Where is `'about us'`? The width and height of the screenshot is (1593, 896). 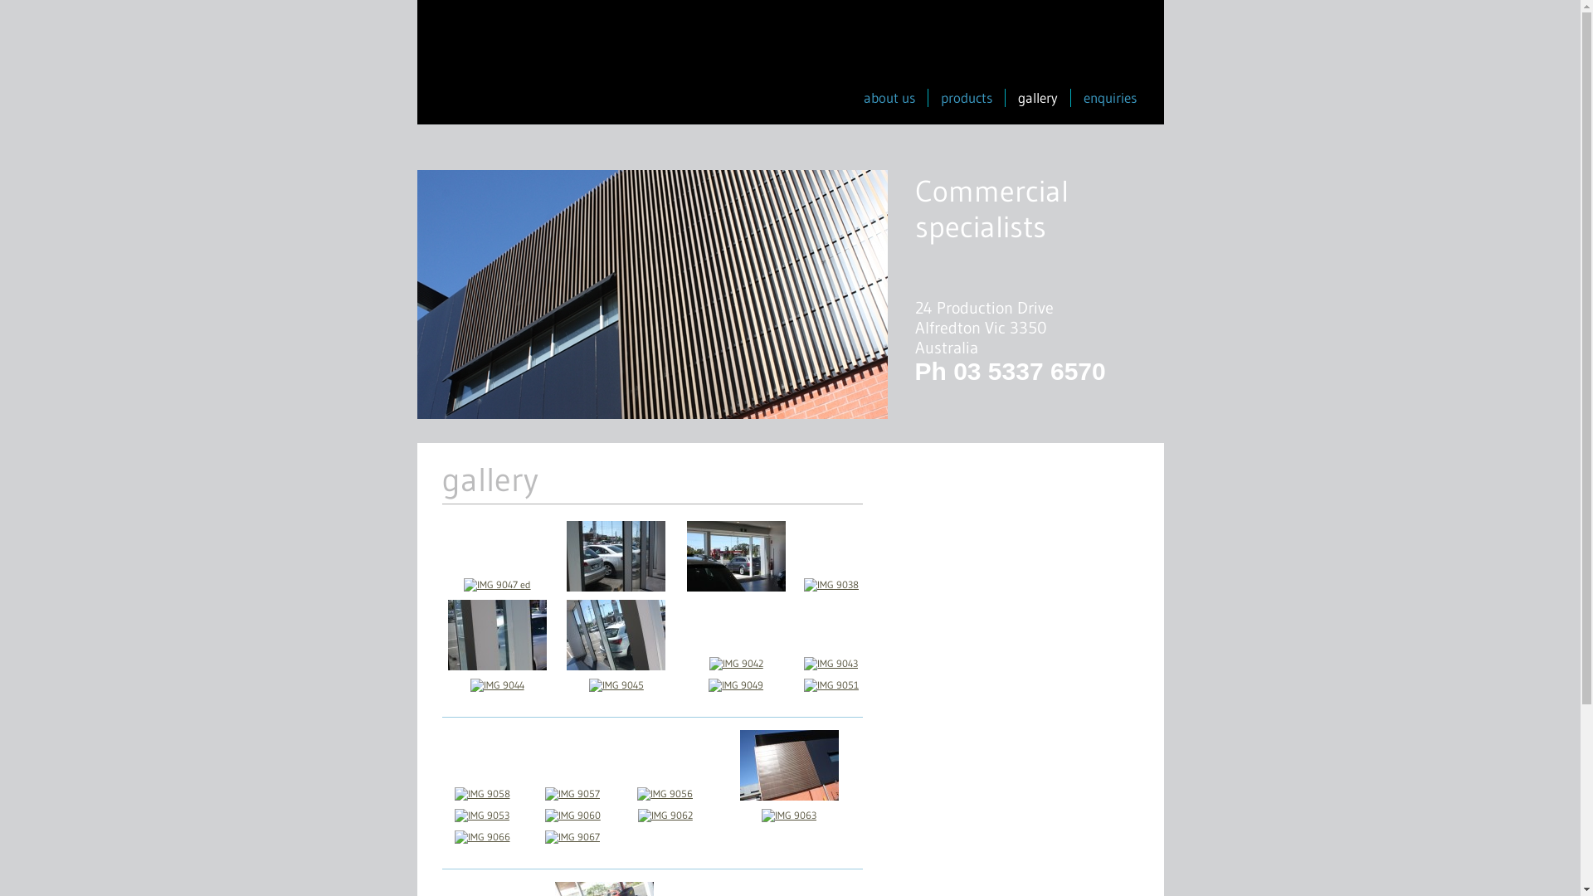 'about us' is located at coordinates (863, 98).